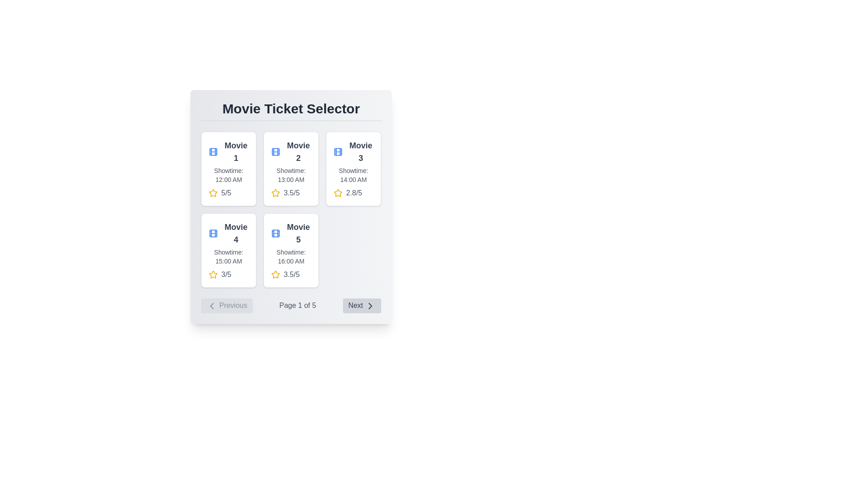 This screenshot has height=484, width=862. I want to click on the Text label with the icon of a film strip colored in blue that displays 'Movie 3', located in the upper portion of the third movie card in the grid, so click(353, 151).